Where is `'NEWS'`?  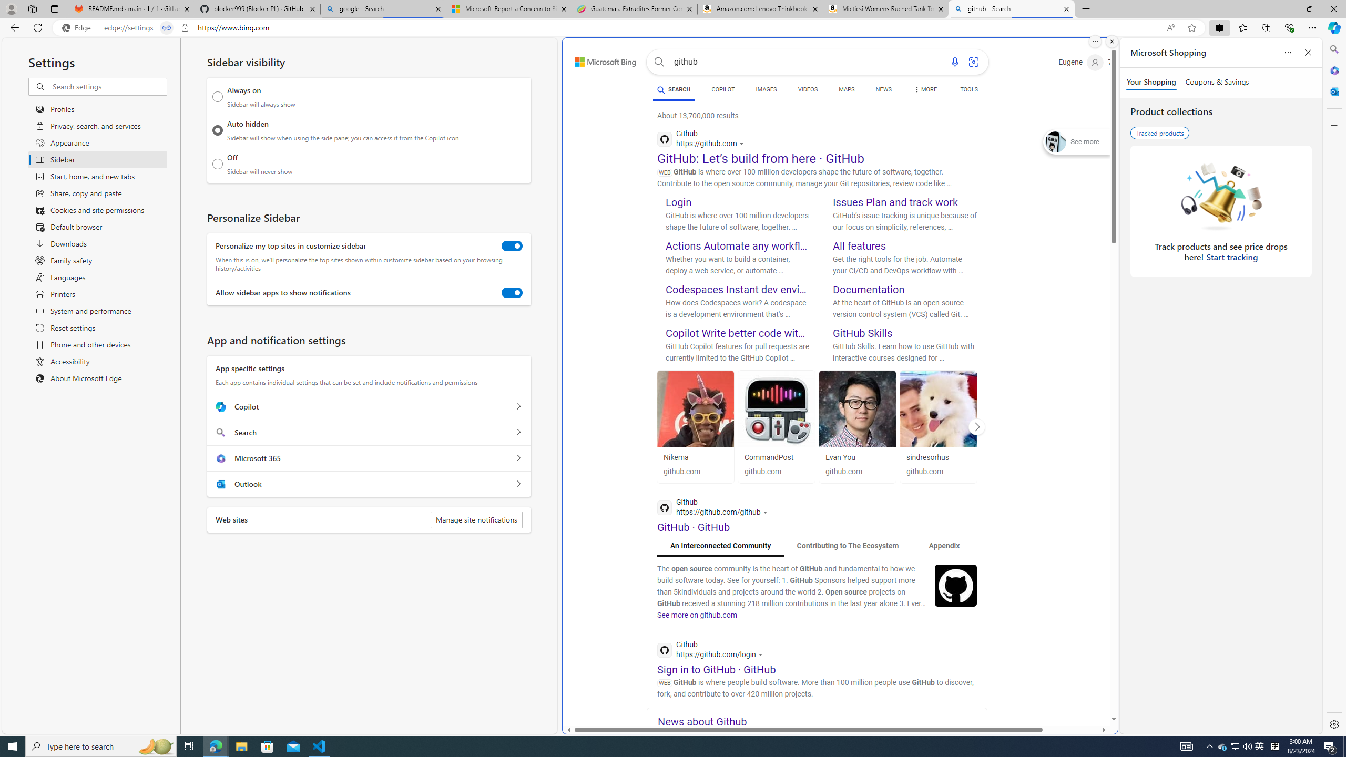 'NEWS' is located at coordinates (883, 90).